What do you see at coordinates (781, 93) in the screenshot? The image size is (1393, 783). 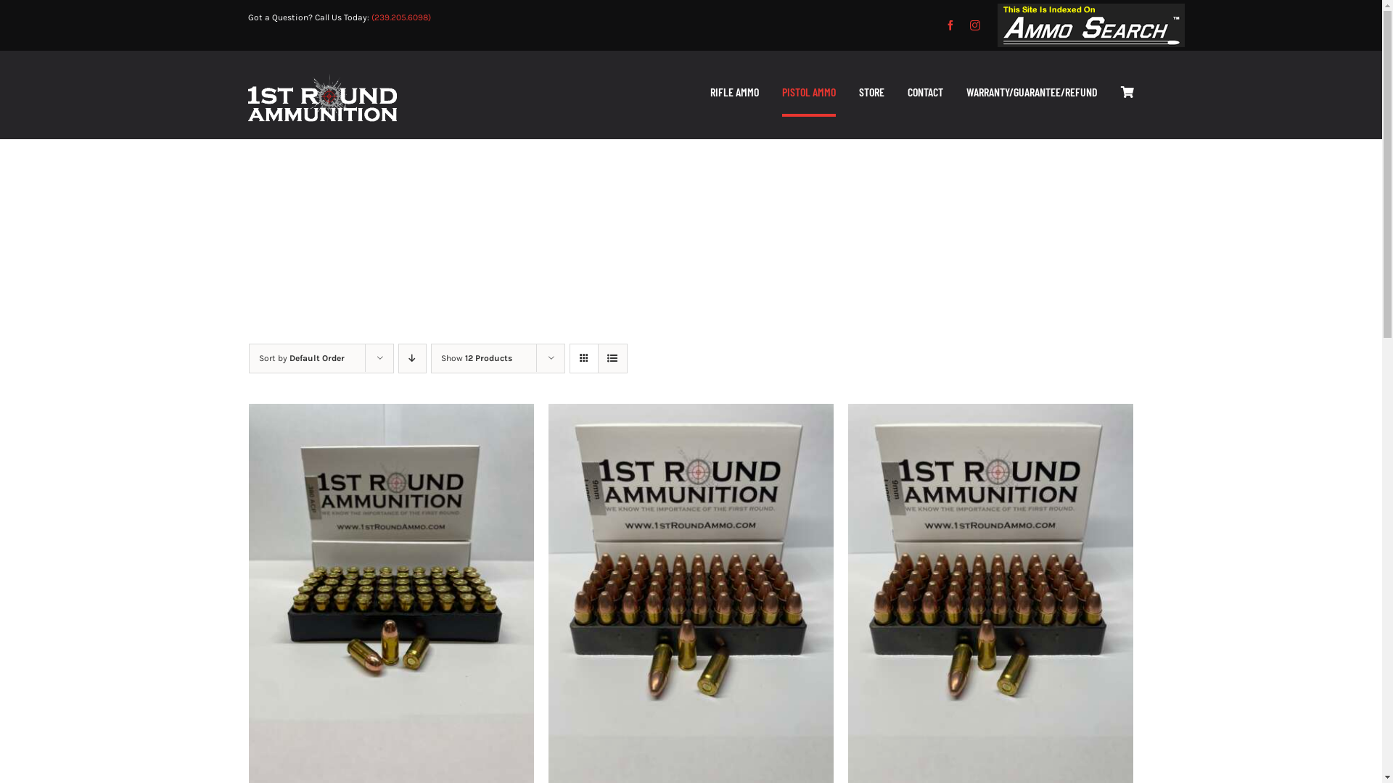 I see `'PISTOL AMMO'` at bounding box center [781, 93].